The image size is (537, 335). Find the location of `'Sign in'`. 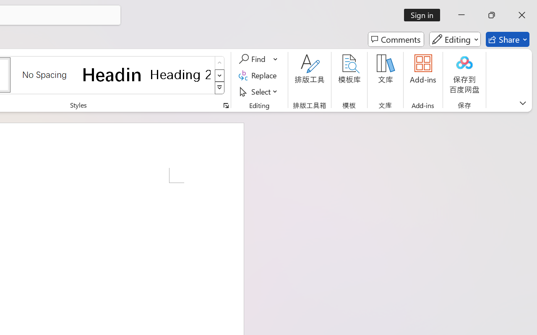

'Sign in' is located at coordinates (425, 15).